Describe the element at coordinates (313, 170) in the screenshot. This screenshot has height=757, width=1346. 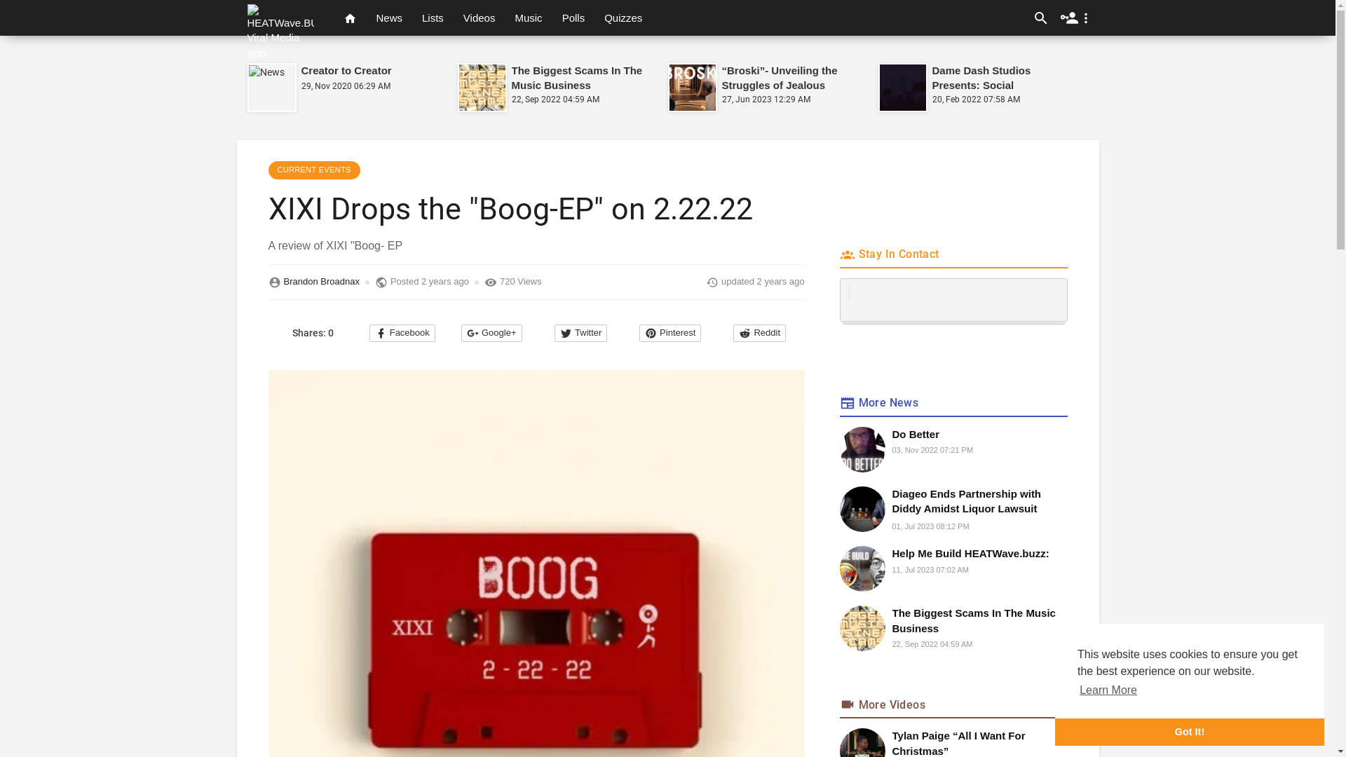
I see `'CURRENT EVENTS'` at that location.